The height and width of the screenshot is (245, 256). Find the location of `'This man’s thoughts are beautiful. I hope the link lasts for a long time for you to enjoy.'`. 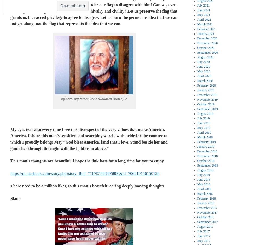

'This man’s thoughts are beautiful. I hope the link lasts for a long time for you to enjoy.' is located at coordinates (10, 161).